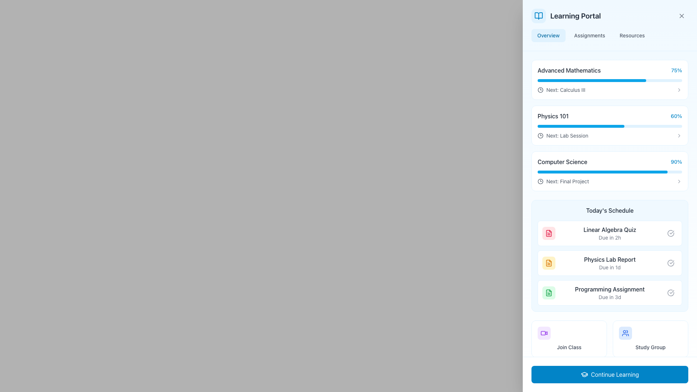 The height and width of the screenshot is (392, 697). What do you see at coordinates (561, 89) in the screenshot?
I see `the informational label indicating 'Calculus III' in the Advanced Mathematics section, located beneath the progress bar` at bounding box center [561, 89].